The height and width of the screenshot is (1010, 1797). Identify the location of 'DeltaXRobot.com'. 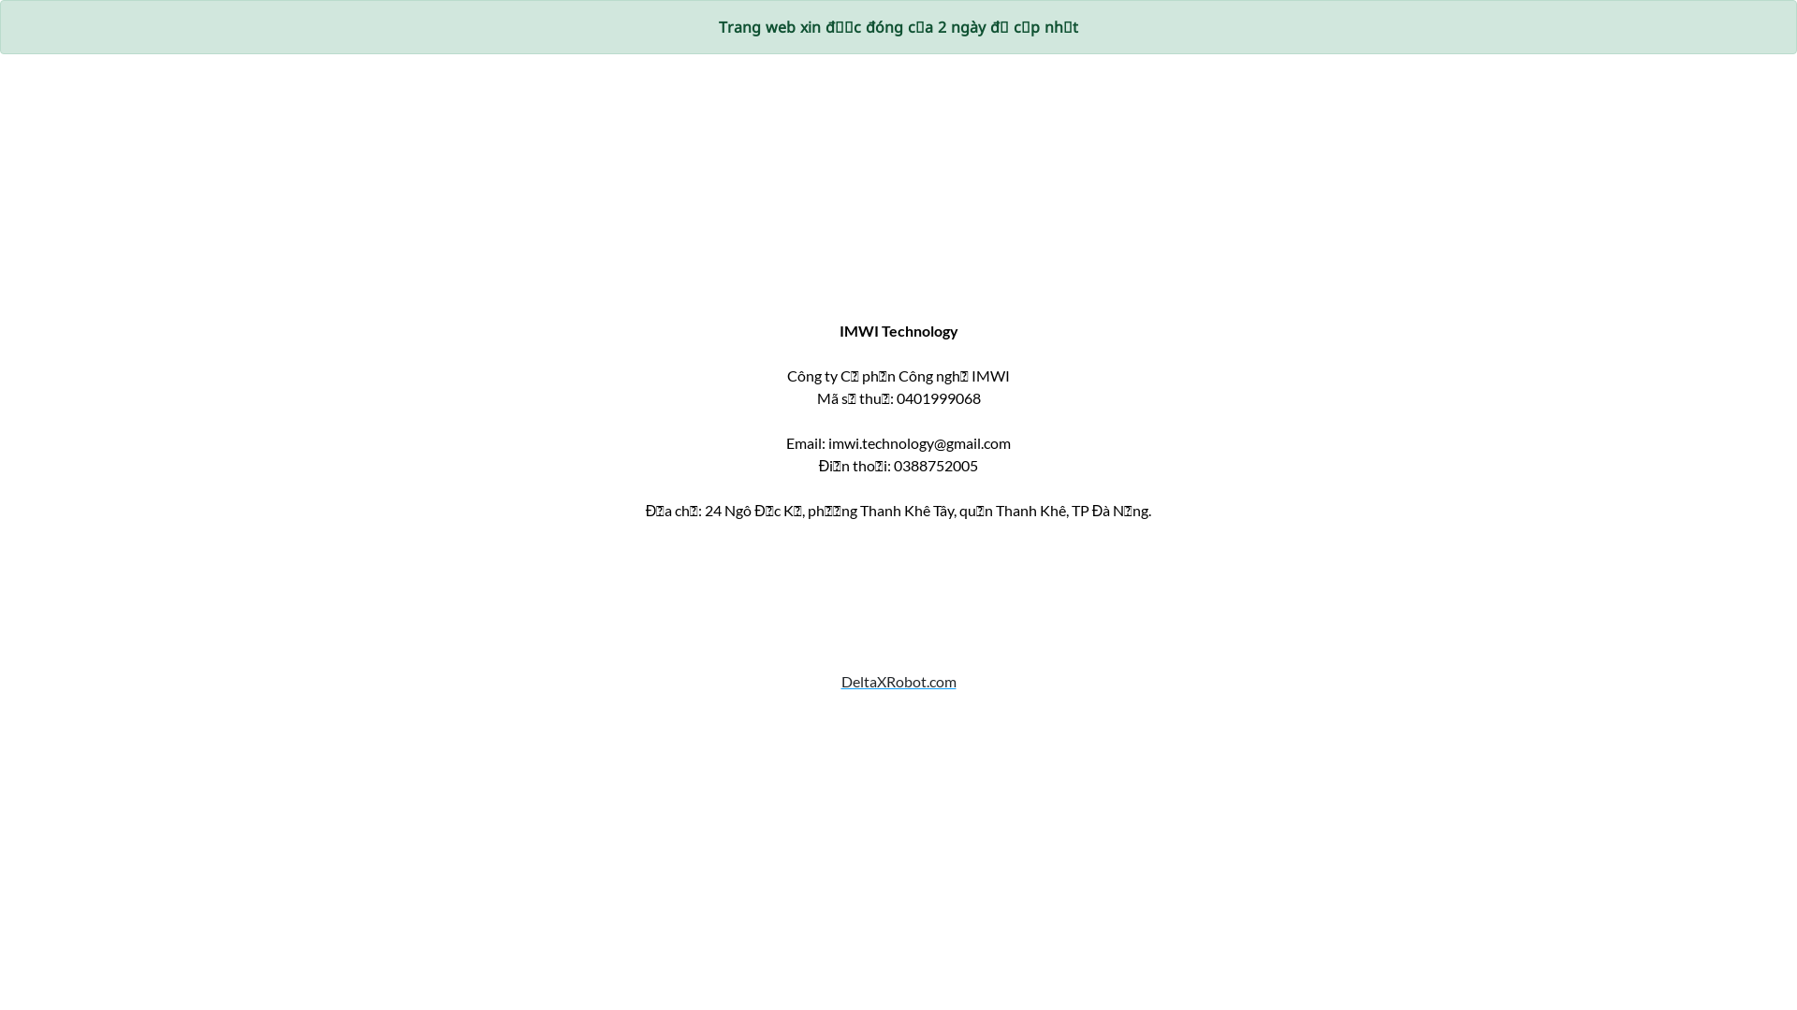
(897, 703).